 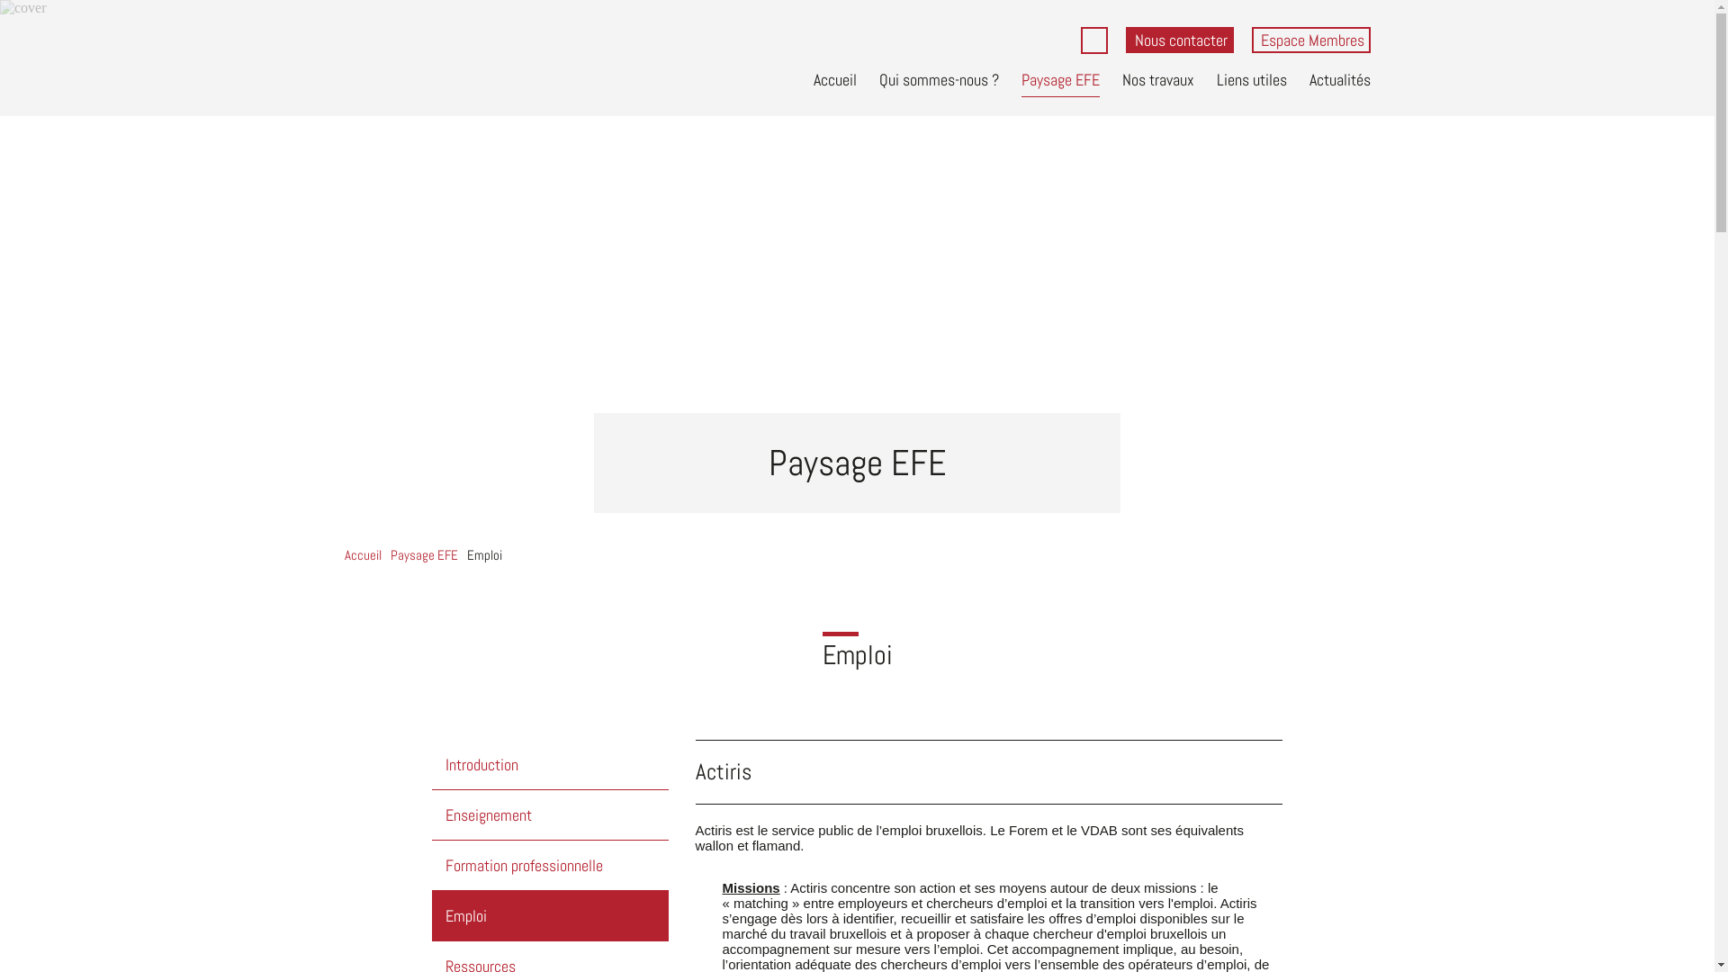 What do you see at coordinates (722, 719) in the screenshot?
I see `'Actiris'` at bounding box center [722, 719].